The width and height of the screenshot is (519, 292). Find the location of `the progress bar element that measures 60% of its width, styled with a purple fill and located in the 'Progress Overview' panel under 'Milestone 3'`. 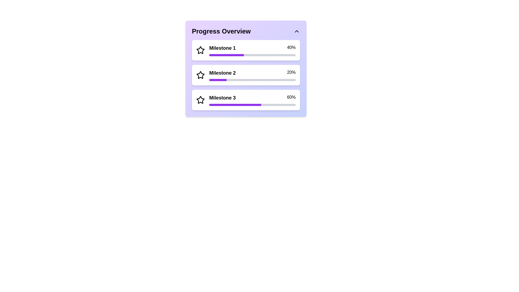

the progress bar element that measures 60% of its width, styled with a purple fill and located in the 'Progress Overview' panel under 'Milestone 3' is located at coordinates (235, 105).